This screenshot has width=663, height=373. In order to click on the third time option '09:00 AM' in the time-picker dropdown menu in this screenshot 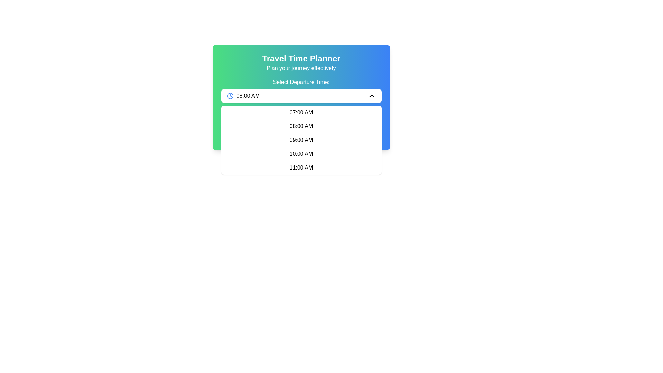, I will do `click(301, 140)`.